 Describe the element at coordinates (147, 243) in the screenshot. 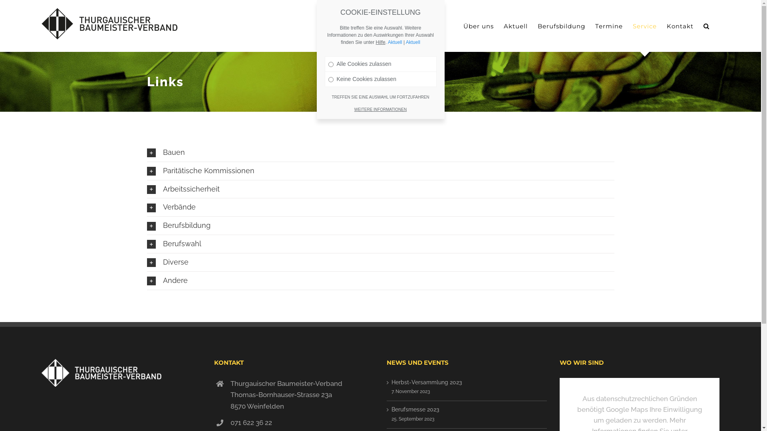

I see `'Berufswahl'` at that location.